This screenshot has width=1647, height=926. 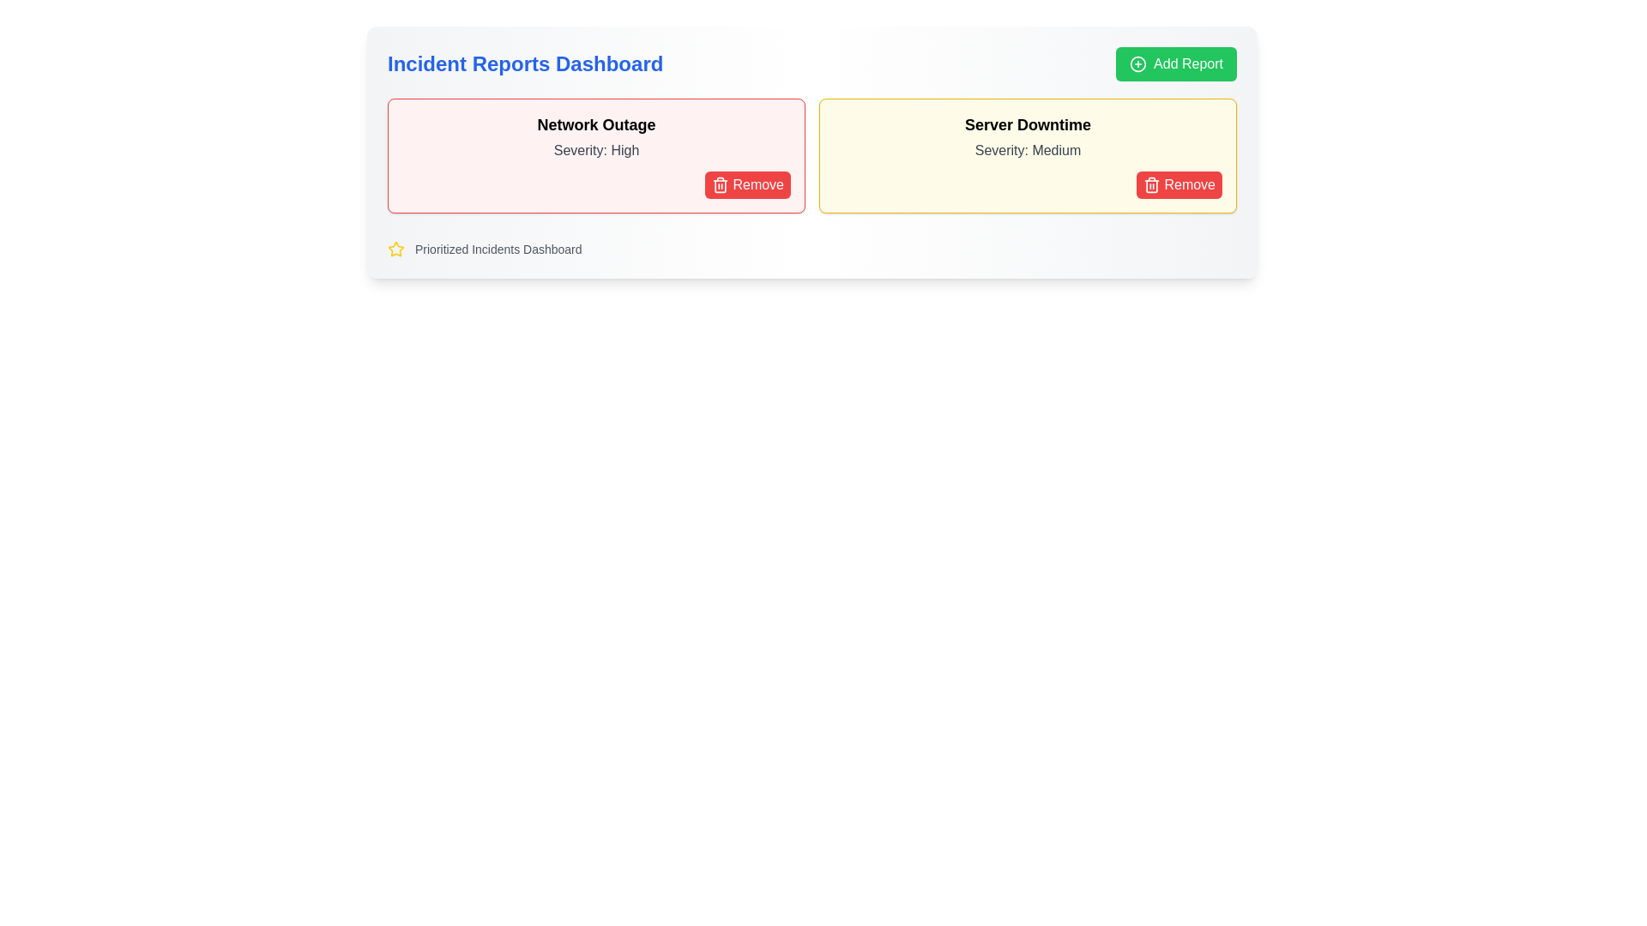 I want to click on text label 'Prioritized Incidents Dashboard' located beneath the main dashboard content, to the right of a yellow star icon, so click(x=498, y=249).